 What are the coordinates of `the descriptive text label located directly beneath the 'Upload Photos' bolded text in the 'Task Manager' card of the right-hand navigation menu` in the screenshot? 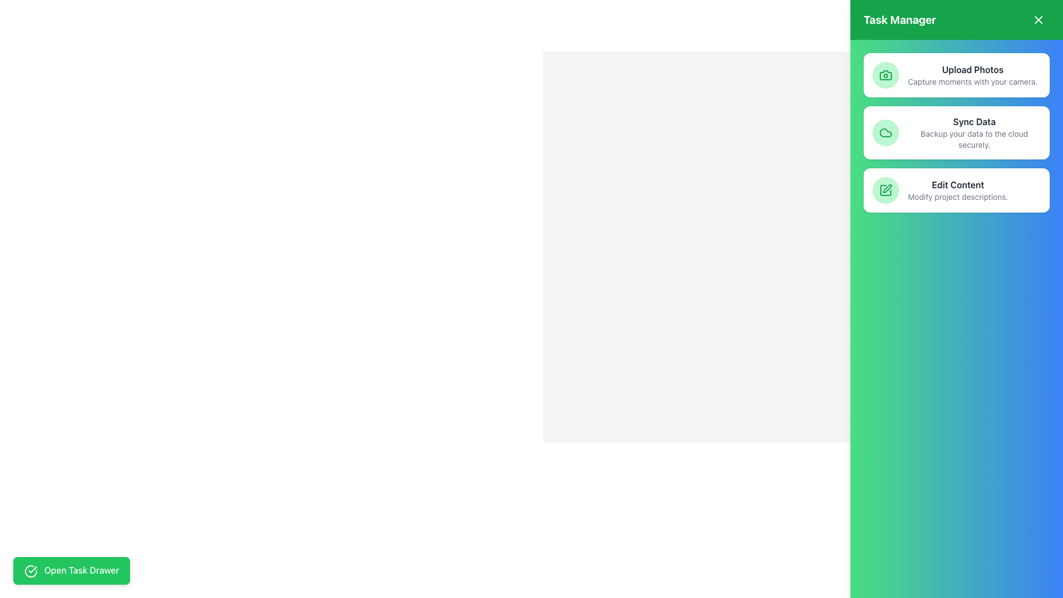 It's located at (972, 81).